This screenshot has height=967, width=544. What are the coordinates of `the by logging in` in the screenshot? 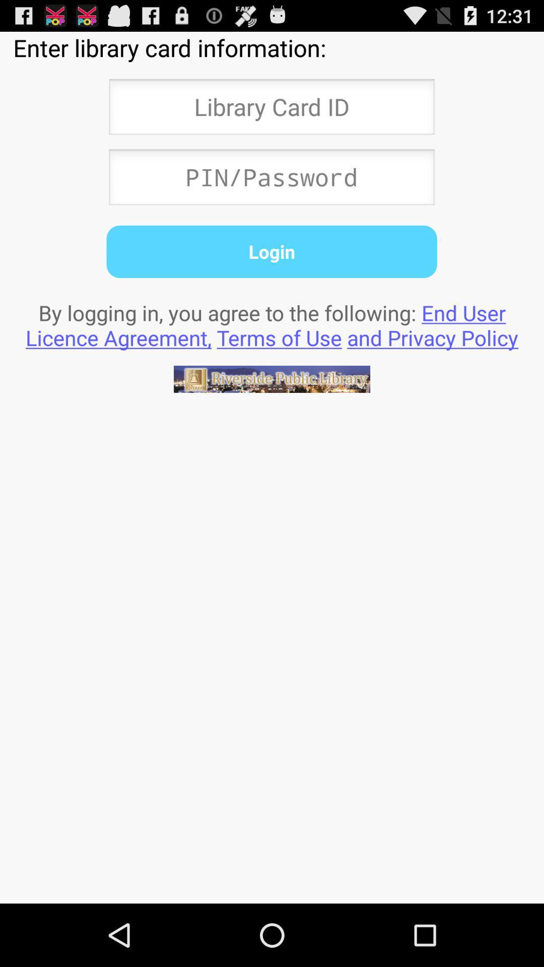 It's located at (272, 325).